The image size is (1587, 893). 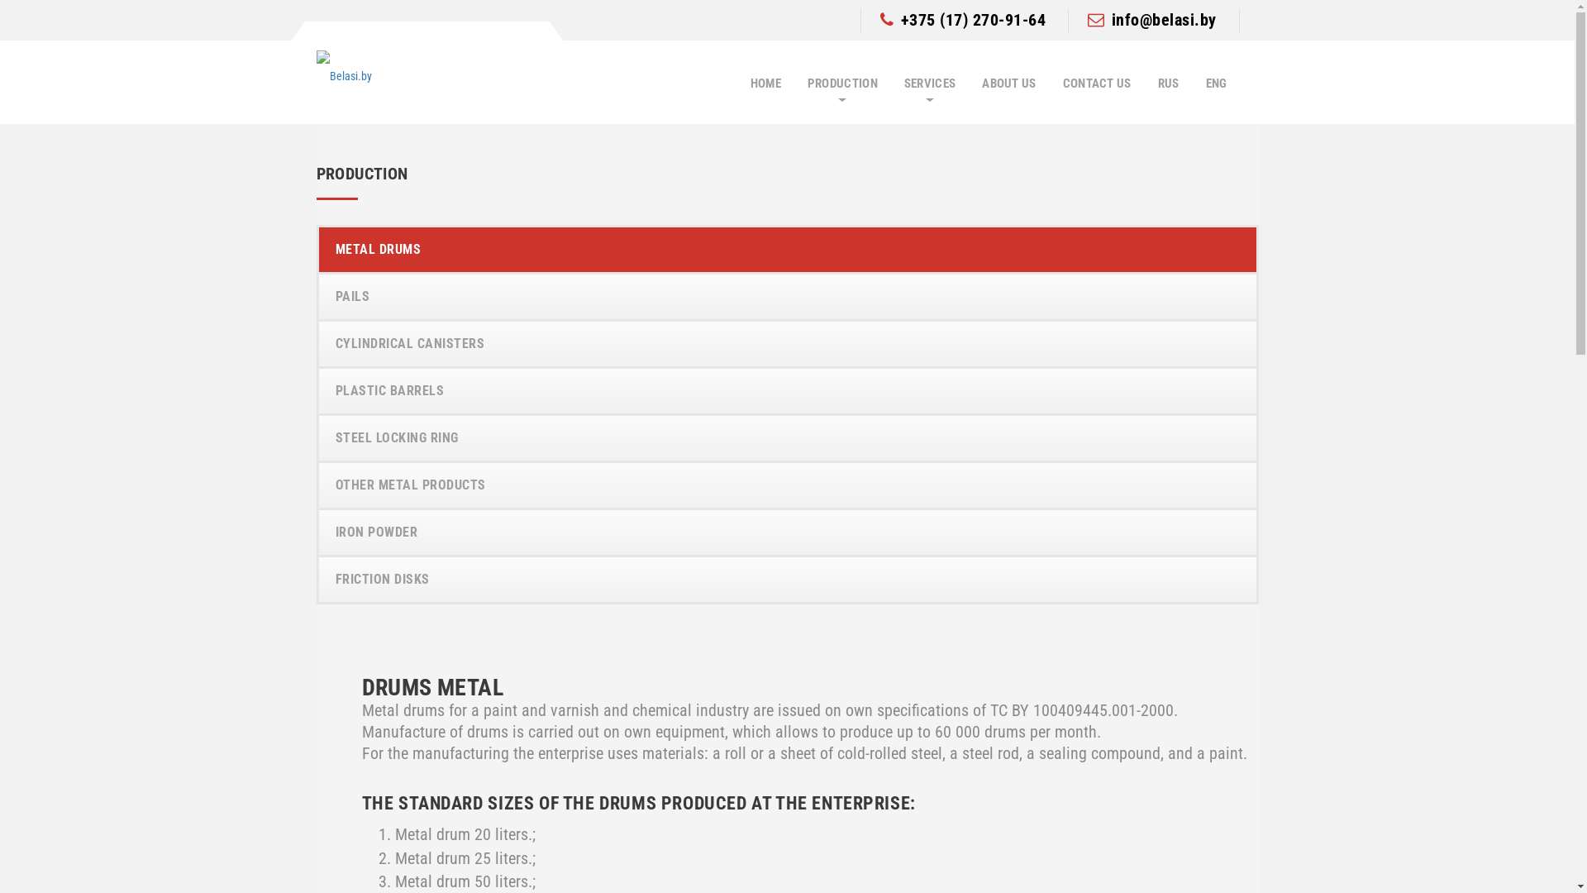 I want to click on 'CONTACT US', so click(x=1097, y=84).